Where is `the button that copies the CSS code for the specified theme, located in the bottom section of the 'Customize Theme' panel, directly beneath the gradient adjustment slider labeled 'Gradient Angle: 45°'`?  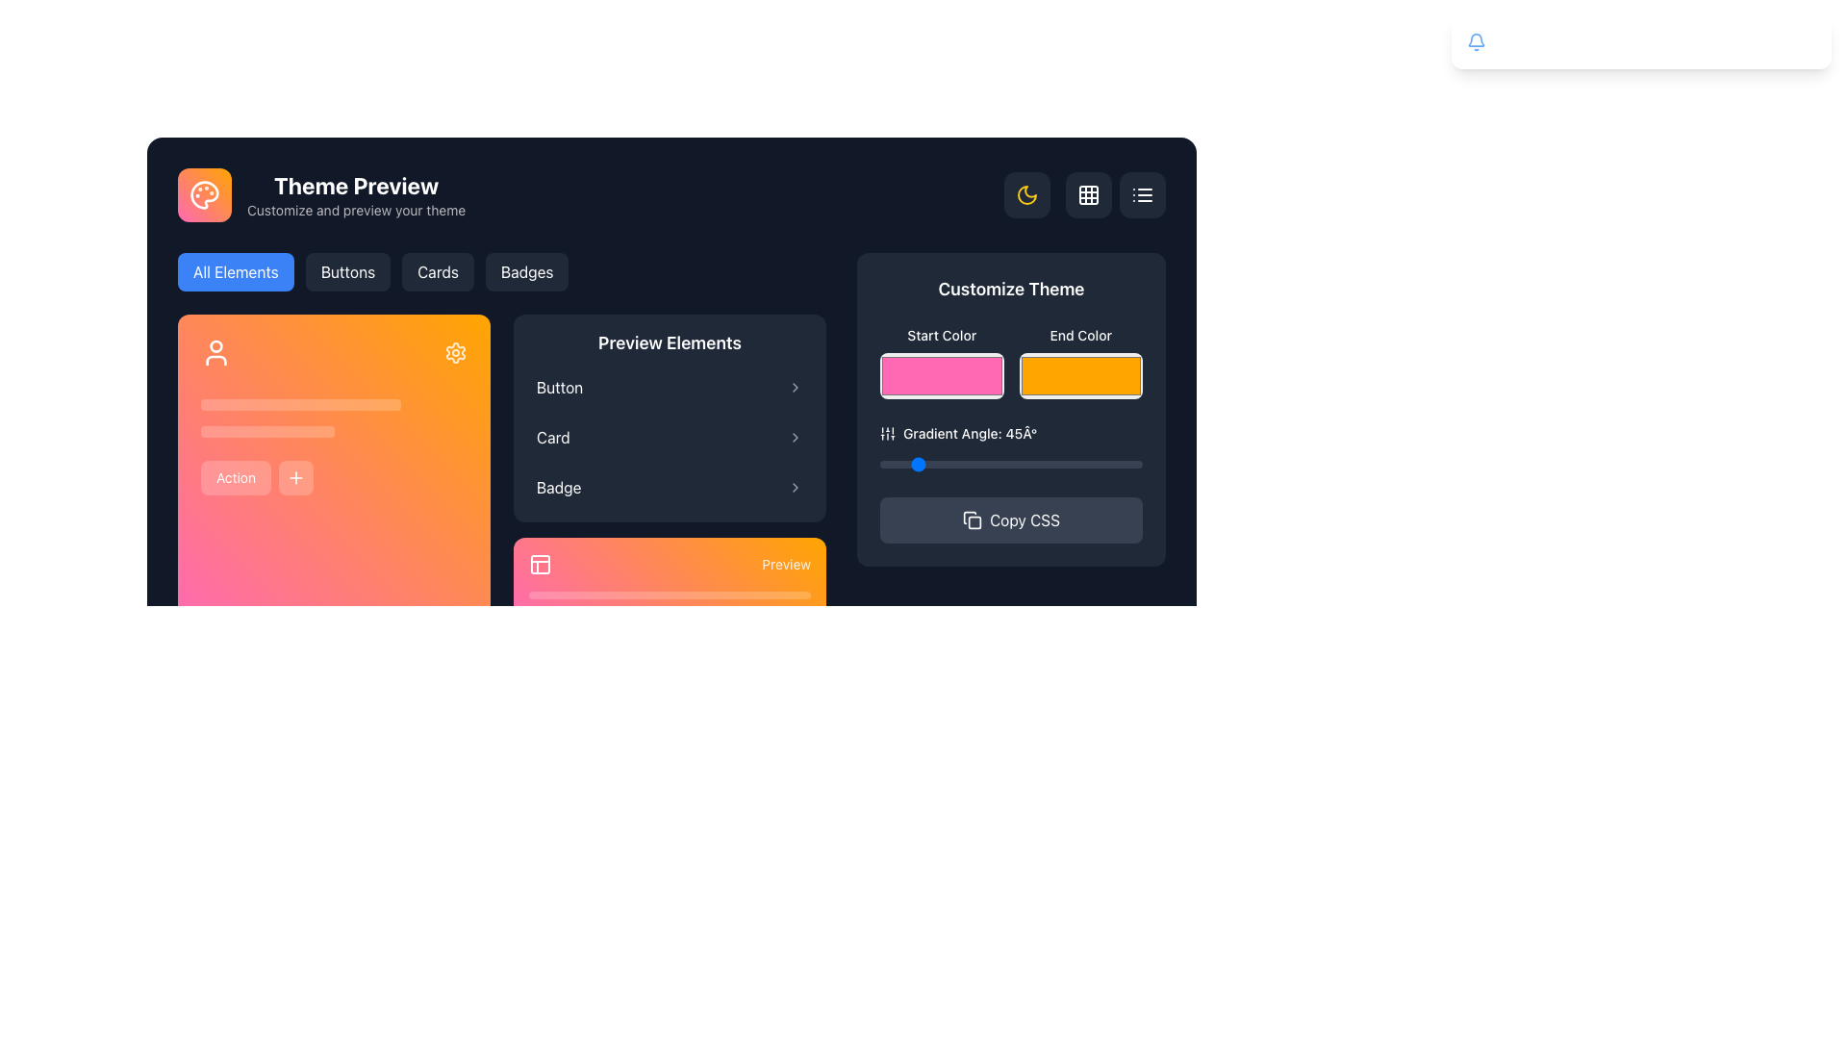 the button that copies the CSS code for the specified theme, located in the bottom section of the 'Customize Theme' panel, directly beneath the gradient adjustment slider labeled 'Gradient Angle: 45°' is located at coordinates (1010, 519).